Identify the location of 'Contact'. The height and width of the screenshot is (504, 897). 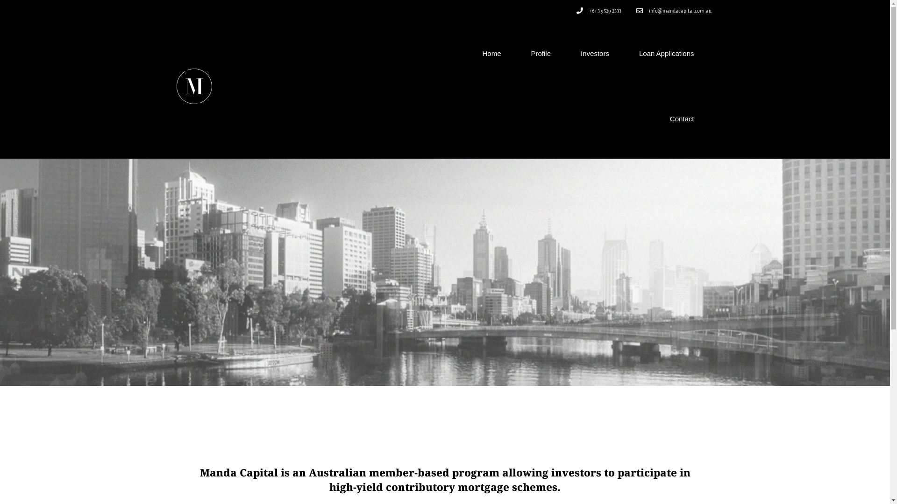
(654, 118).